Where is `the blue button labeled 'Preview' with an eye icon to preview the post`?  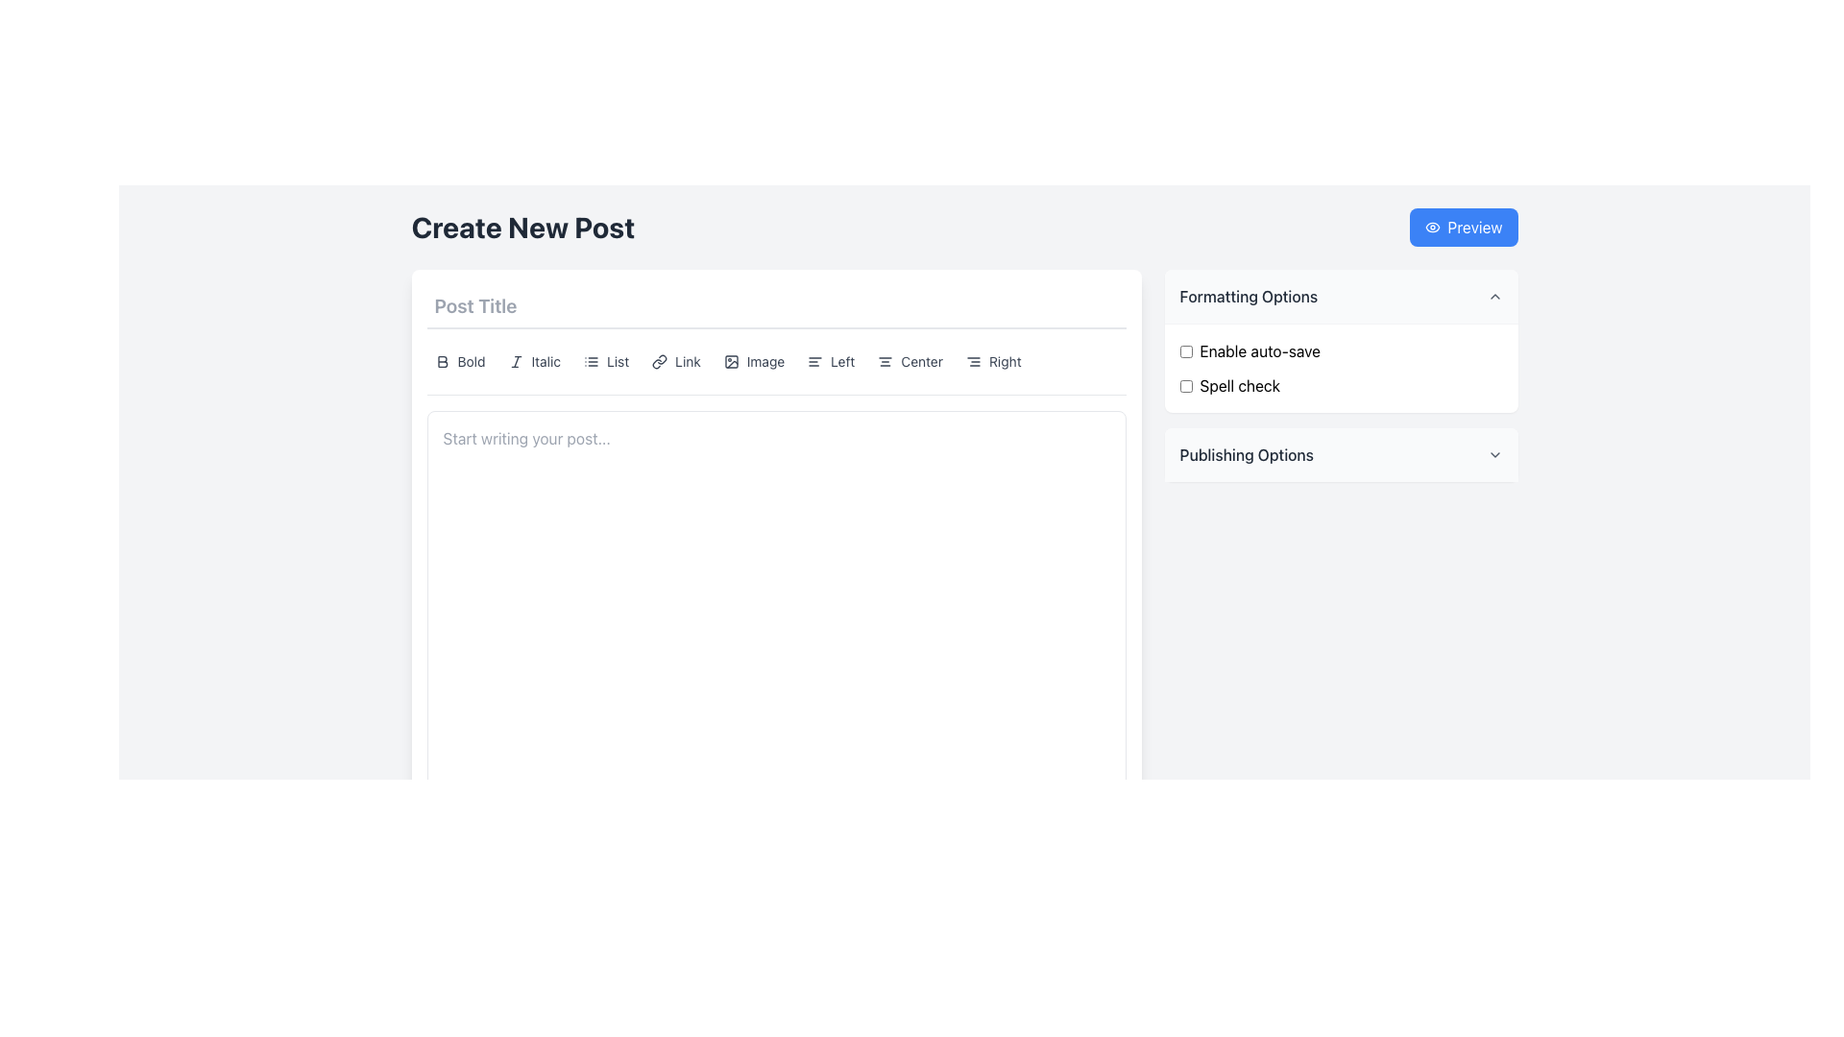
the blue button labeled 'Preview' with an eye icon to preview the post is located at coordinates (1463, 226).